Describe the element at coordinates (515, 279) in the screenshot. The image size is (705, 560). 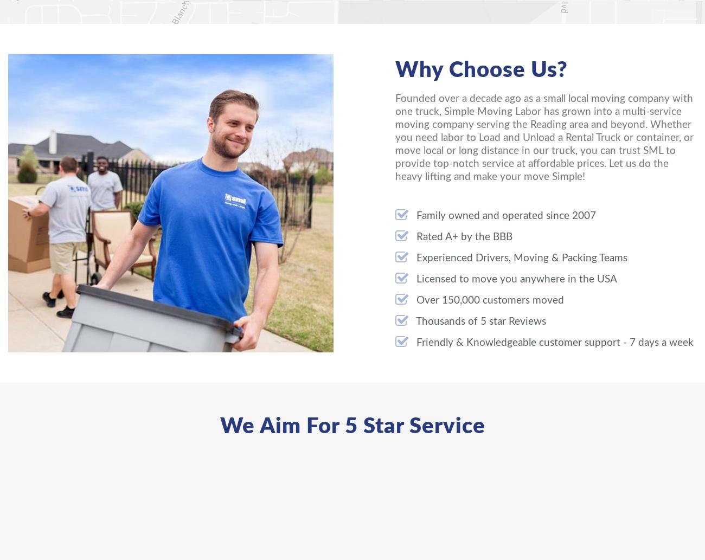
I see `'Licensed to move you anywhere in the USA'` at that location.